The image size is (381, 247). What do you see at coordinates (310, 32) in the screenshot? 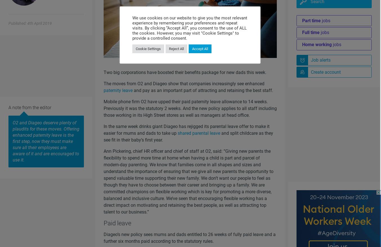
I see `'Full time'` at bounding box center [310, 32].